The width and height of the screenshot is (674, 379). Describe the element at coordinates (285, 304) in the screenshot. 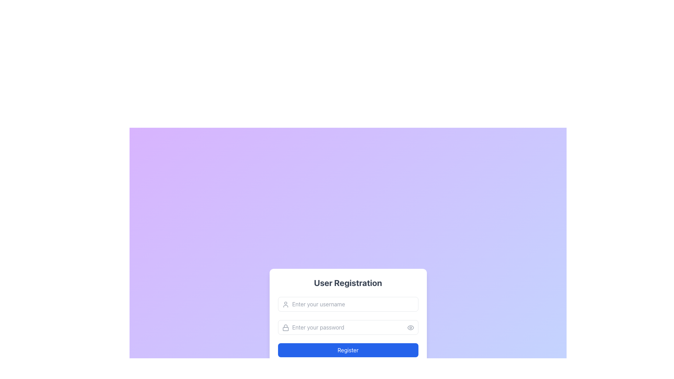

I see `the username input field icon, which is located at the top-left corner of the 'Enter your username' input field in the user registration form` at that location.